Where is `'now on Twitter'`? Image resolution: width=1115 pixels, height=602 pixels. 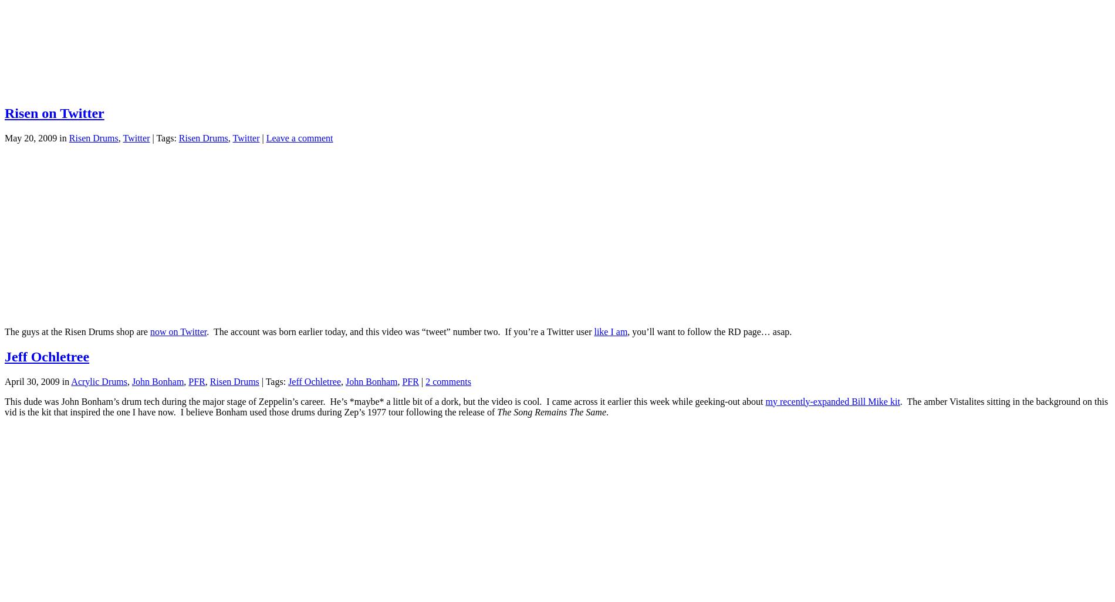 'now on Twitter' is located at coordinates (177, 331).